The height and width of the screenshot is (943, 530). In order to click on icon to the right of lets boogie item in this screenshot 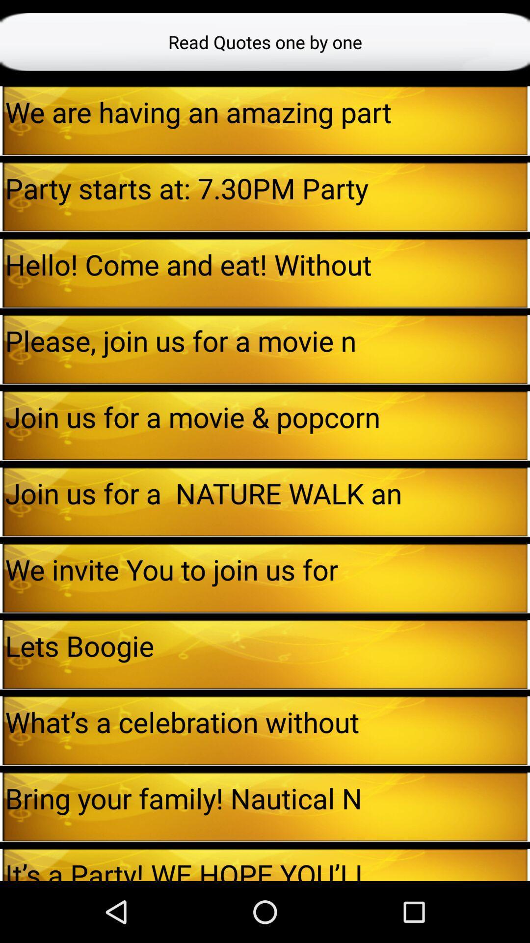, I will do `click(528, 654)`.